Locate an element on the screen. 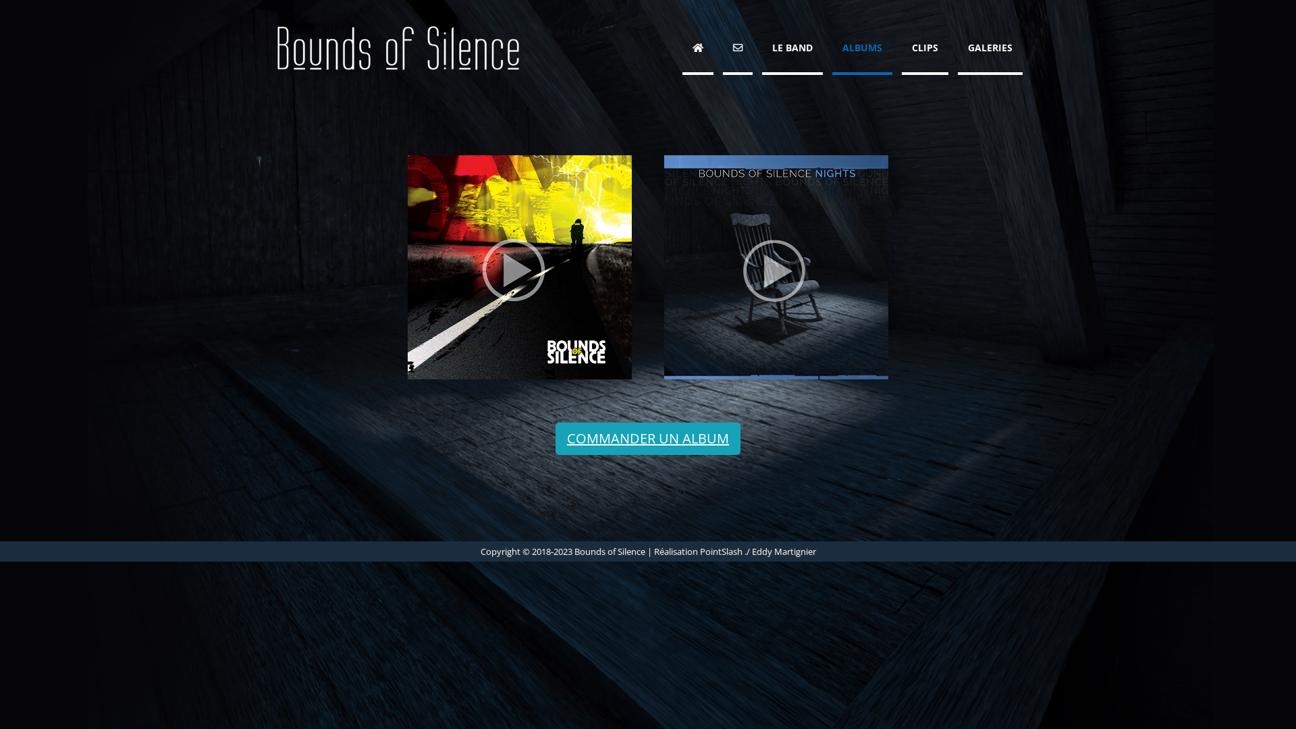 Image resolution: width=1296 pixels, height=729 pixels. 'PointSlash ./ Eddy Martignier' is located at coordinates (757, 551).